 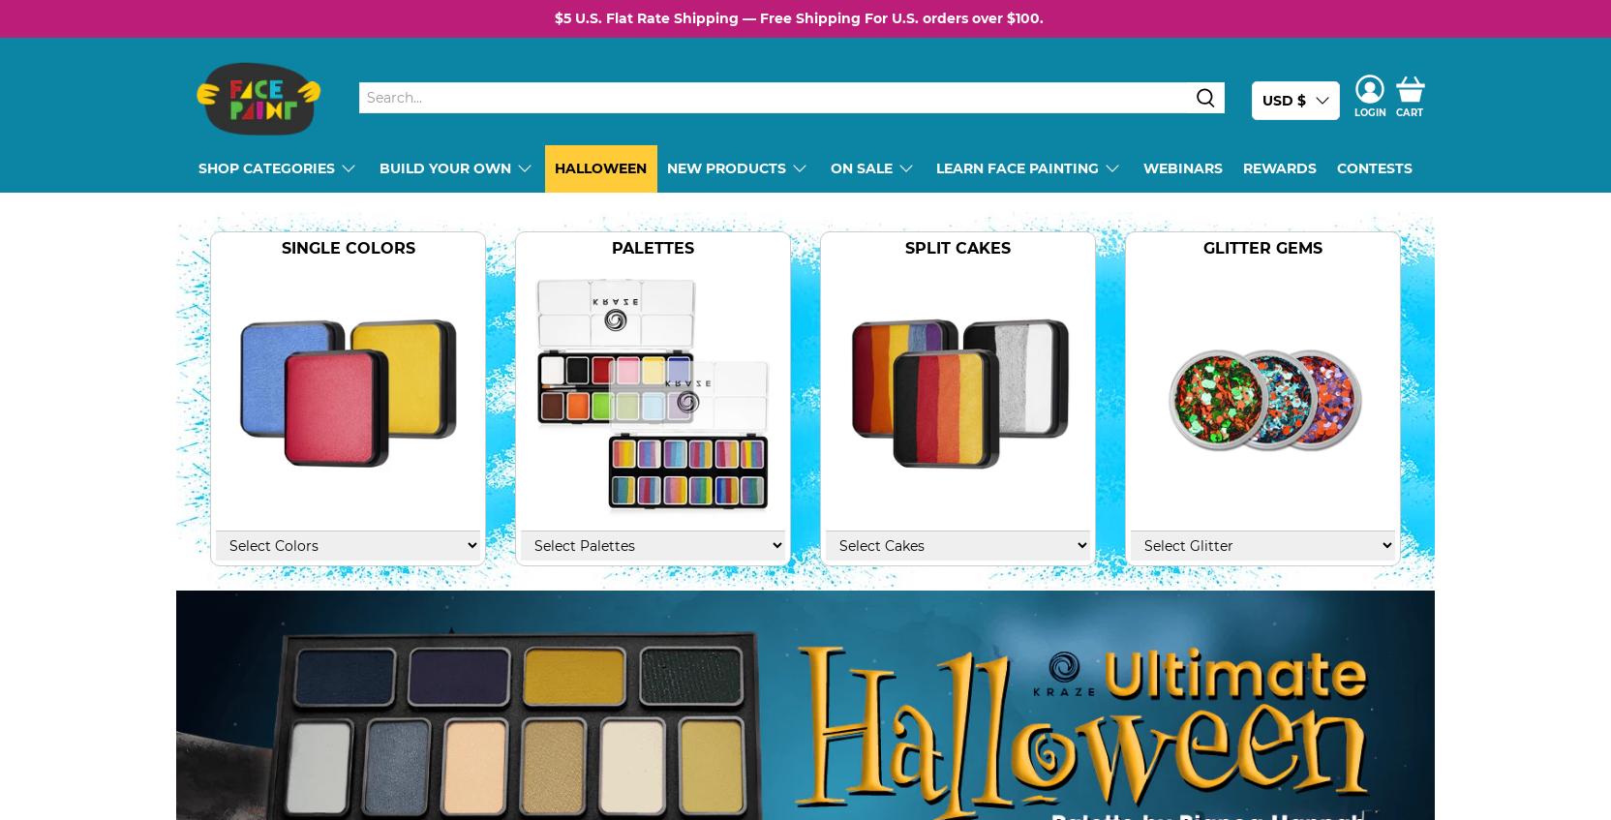 What do you see at coordinates (860, 167) in the screenshot?
I see `'On Sale'` at bounding box center [860, 167].